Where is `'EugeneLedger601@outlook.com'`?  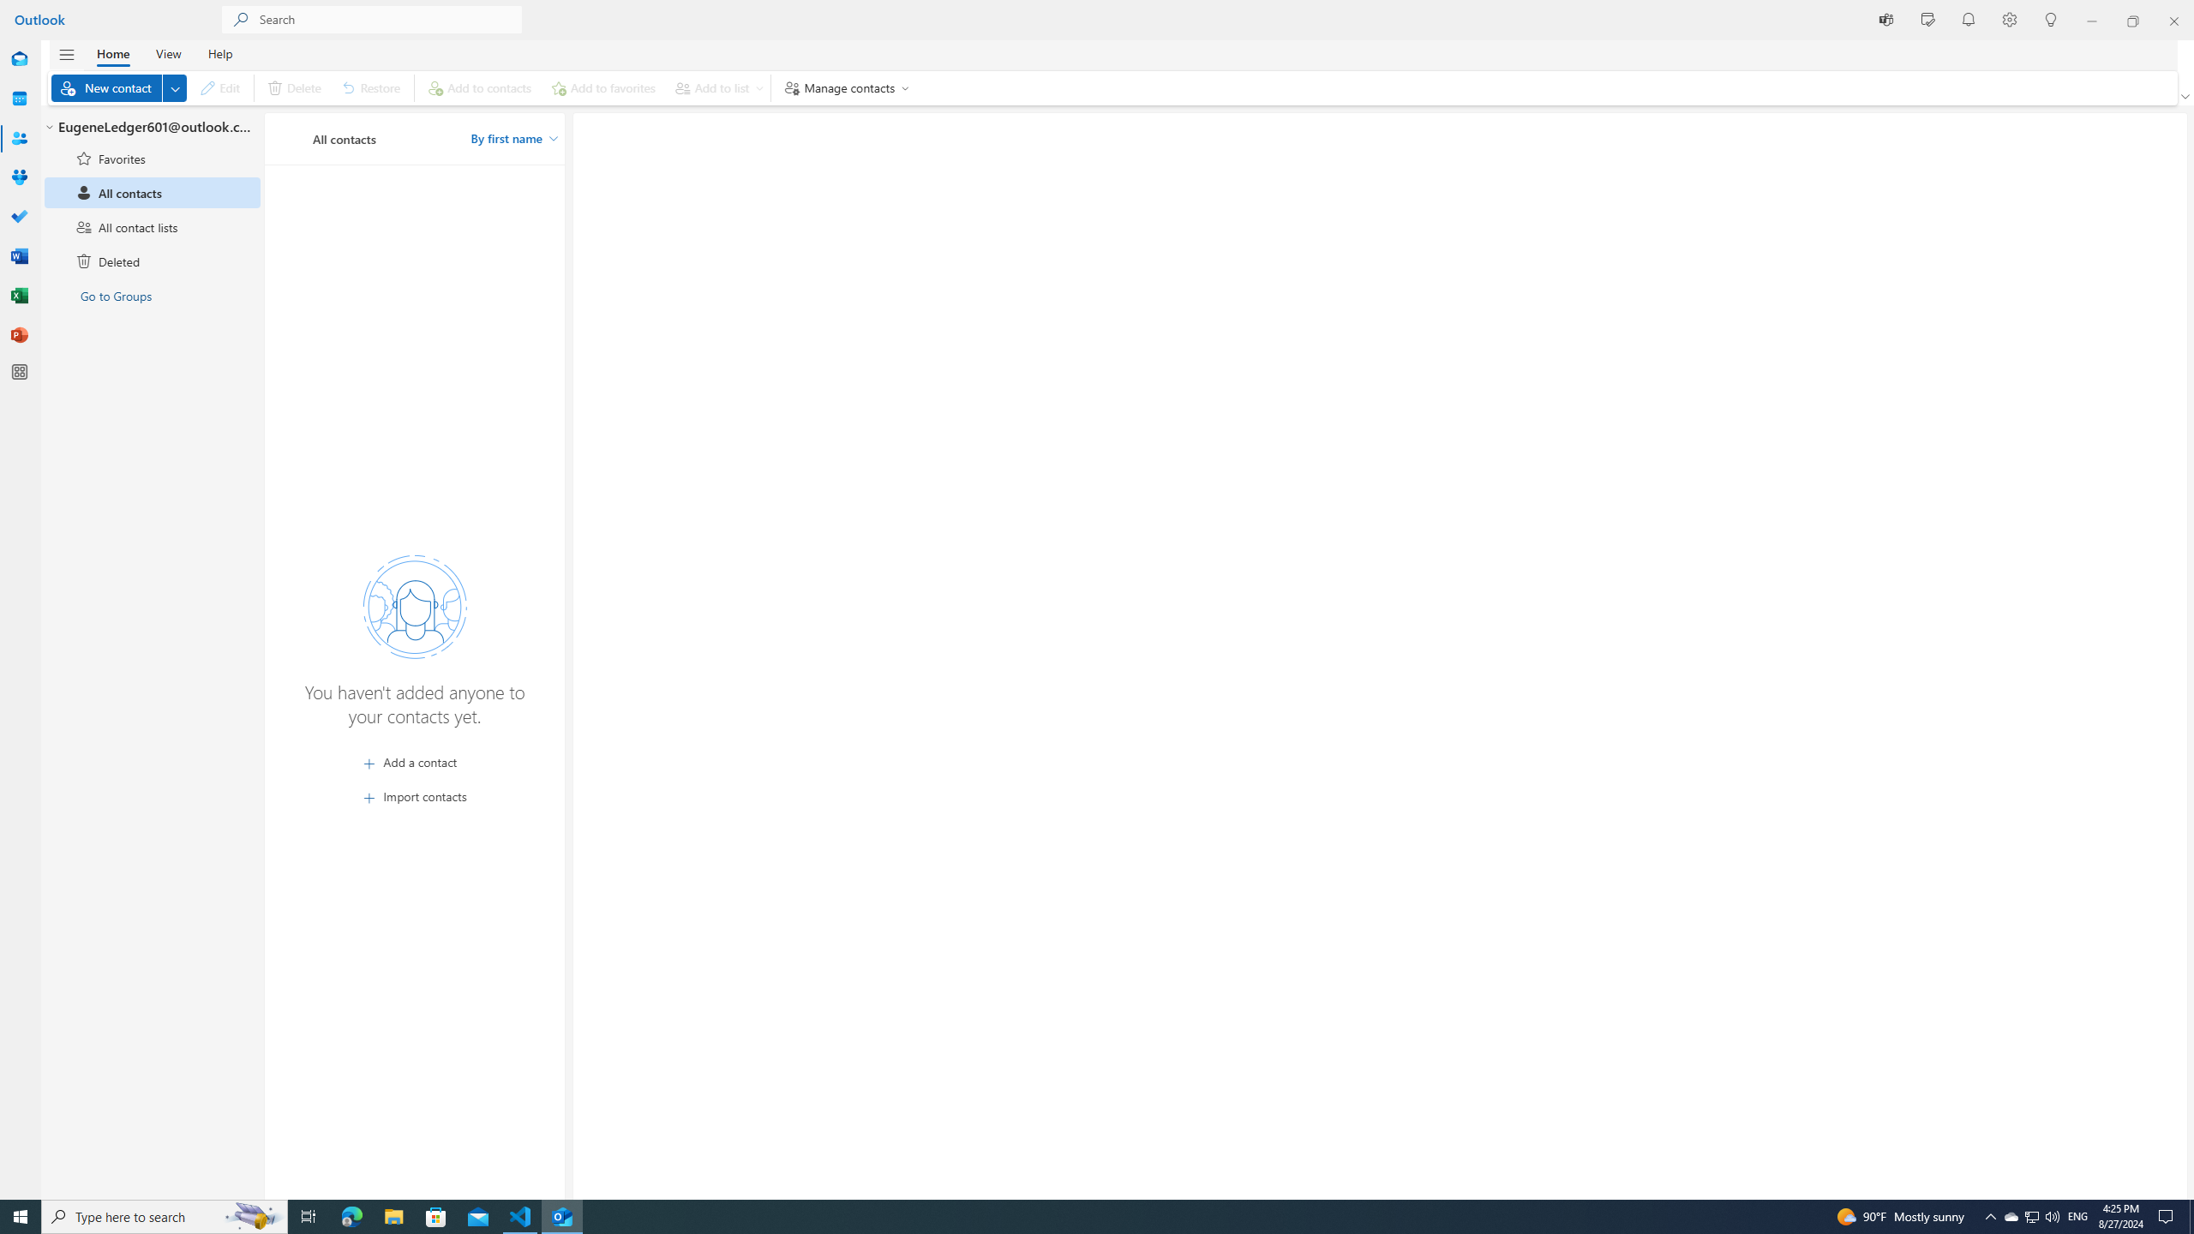 'EugeneLedger601@outlook.com' is located at coordinates (151, 128).